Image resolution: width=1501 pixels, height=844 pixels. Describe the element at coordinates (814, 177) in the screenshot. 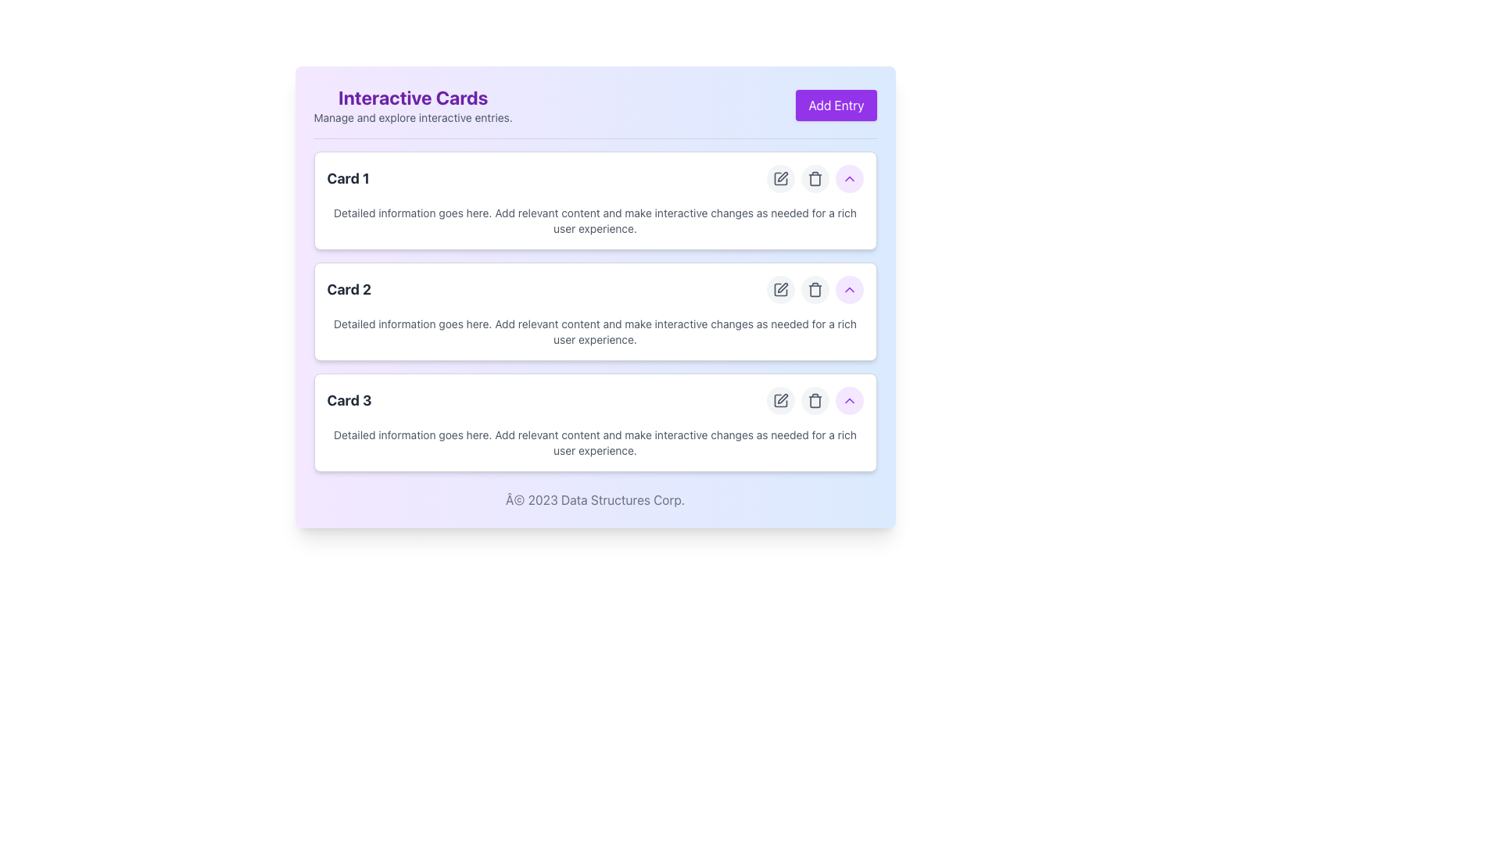

I see `the delete button (Trash Icon) located in the second card, positioned between the edit icon and the arrow icon, to change its background color` at that location.